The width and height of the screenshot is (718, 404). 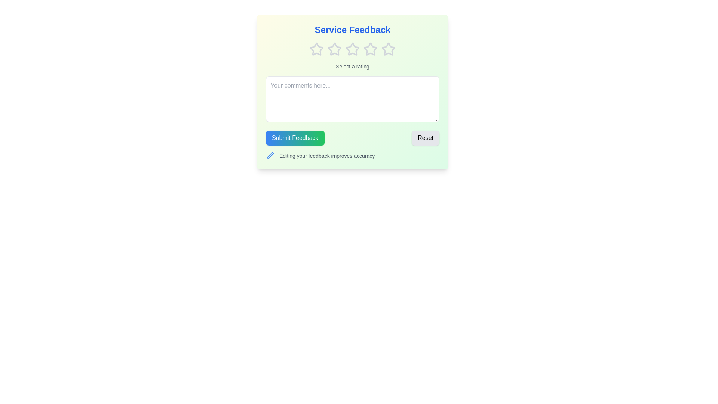 What do you see at coordinates (334, 49) in the screenshot?
I see `the second star icon in the rating section` at bounding box center [334, 49].